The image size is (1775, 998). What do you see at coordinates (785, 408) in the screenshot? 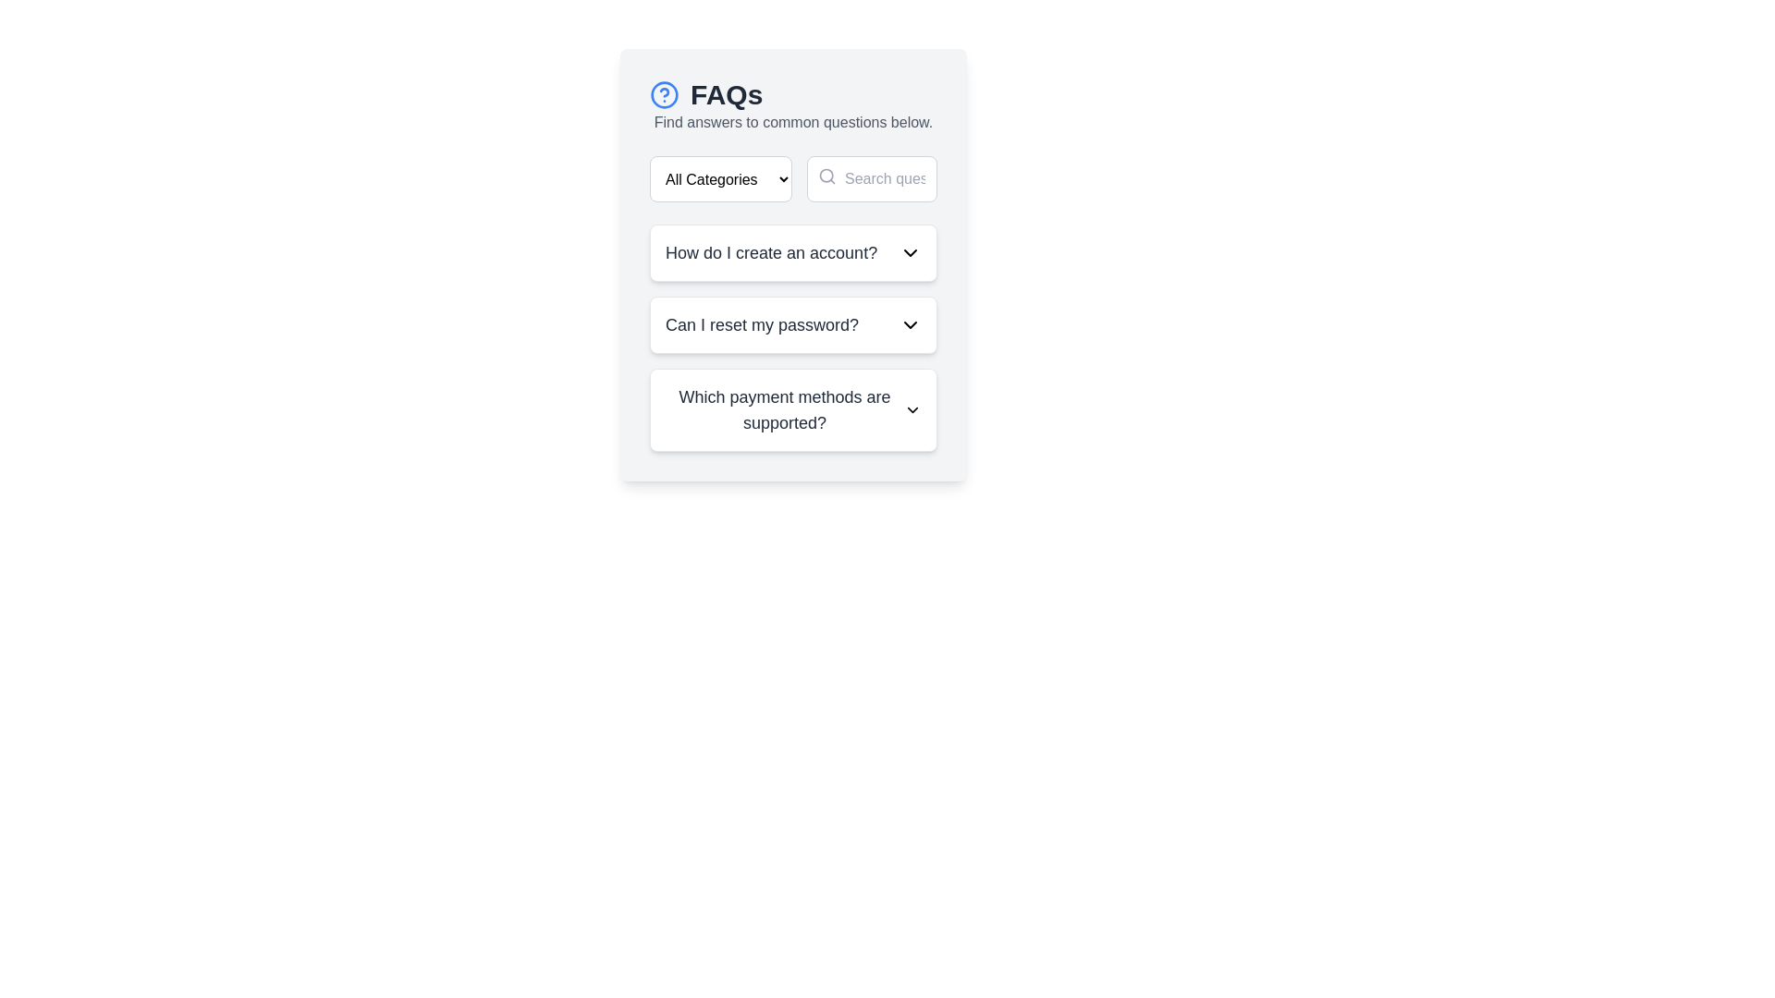
I see `text label that says 'Which payment methods are supported?' located at the bottom of the FAQ section, specifically the third entry in the list of questions` at bounding box center [785, 408].